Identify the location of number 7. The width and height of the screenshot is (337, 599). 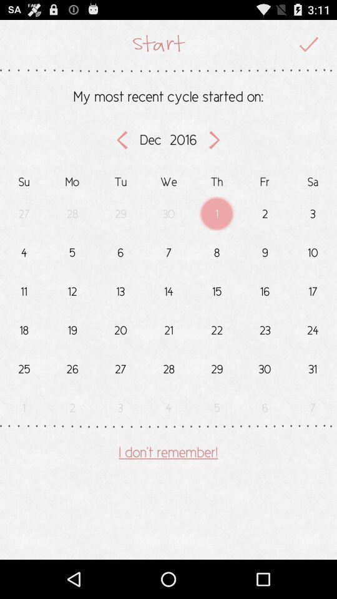
(168, 249).